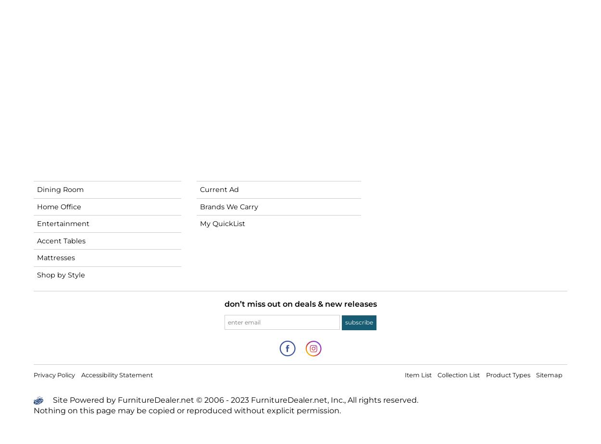  Describe the element at coordinates (58, 155) in the screenshot. I see `'Living Room'` at that location.